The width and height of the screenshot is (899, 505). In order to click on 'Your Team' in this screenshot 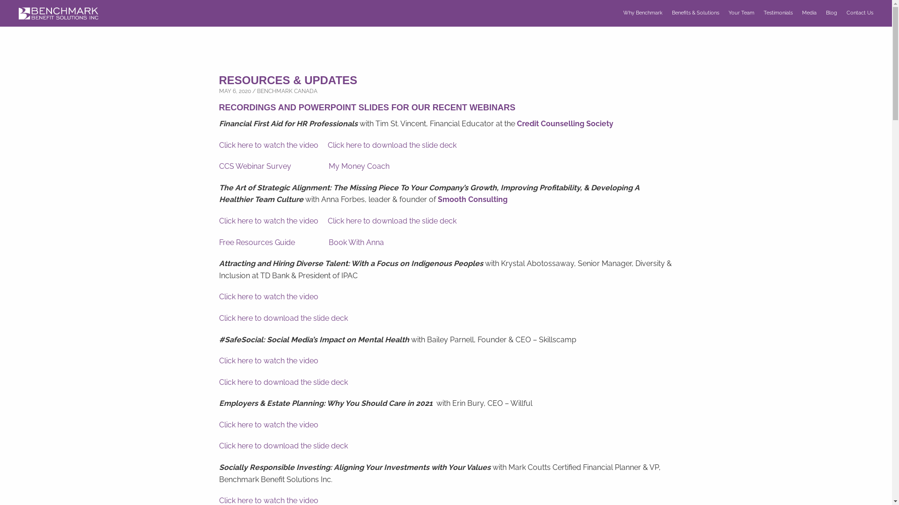, I will do `click(741, 13)`.